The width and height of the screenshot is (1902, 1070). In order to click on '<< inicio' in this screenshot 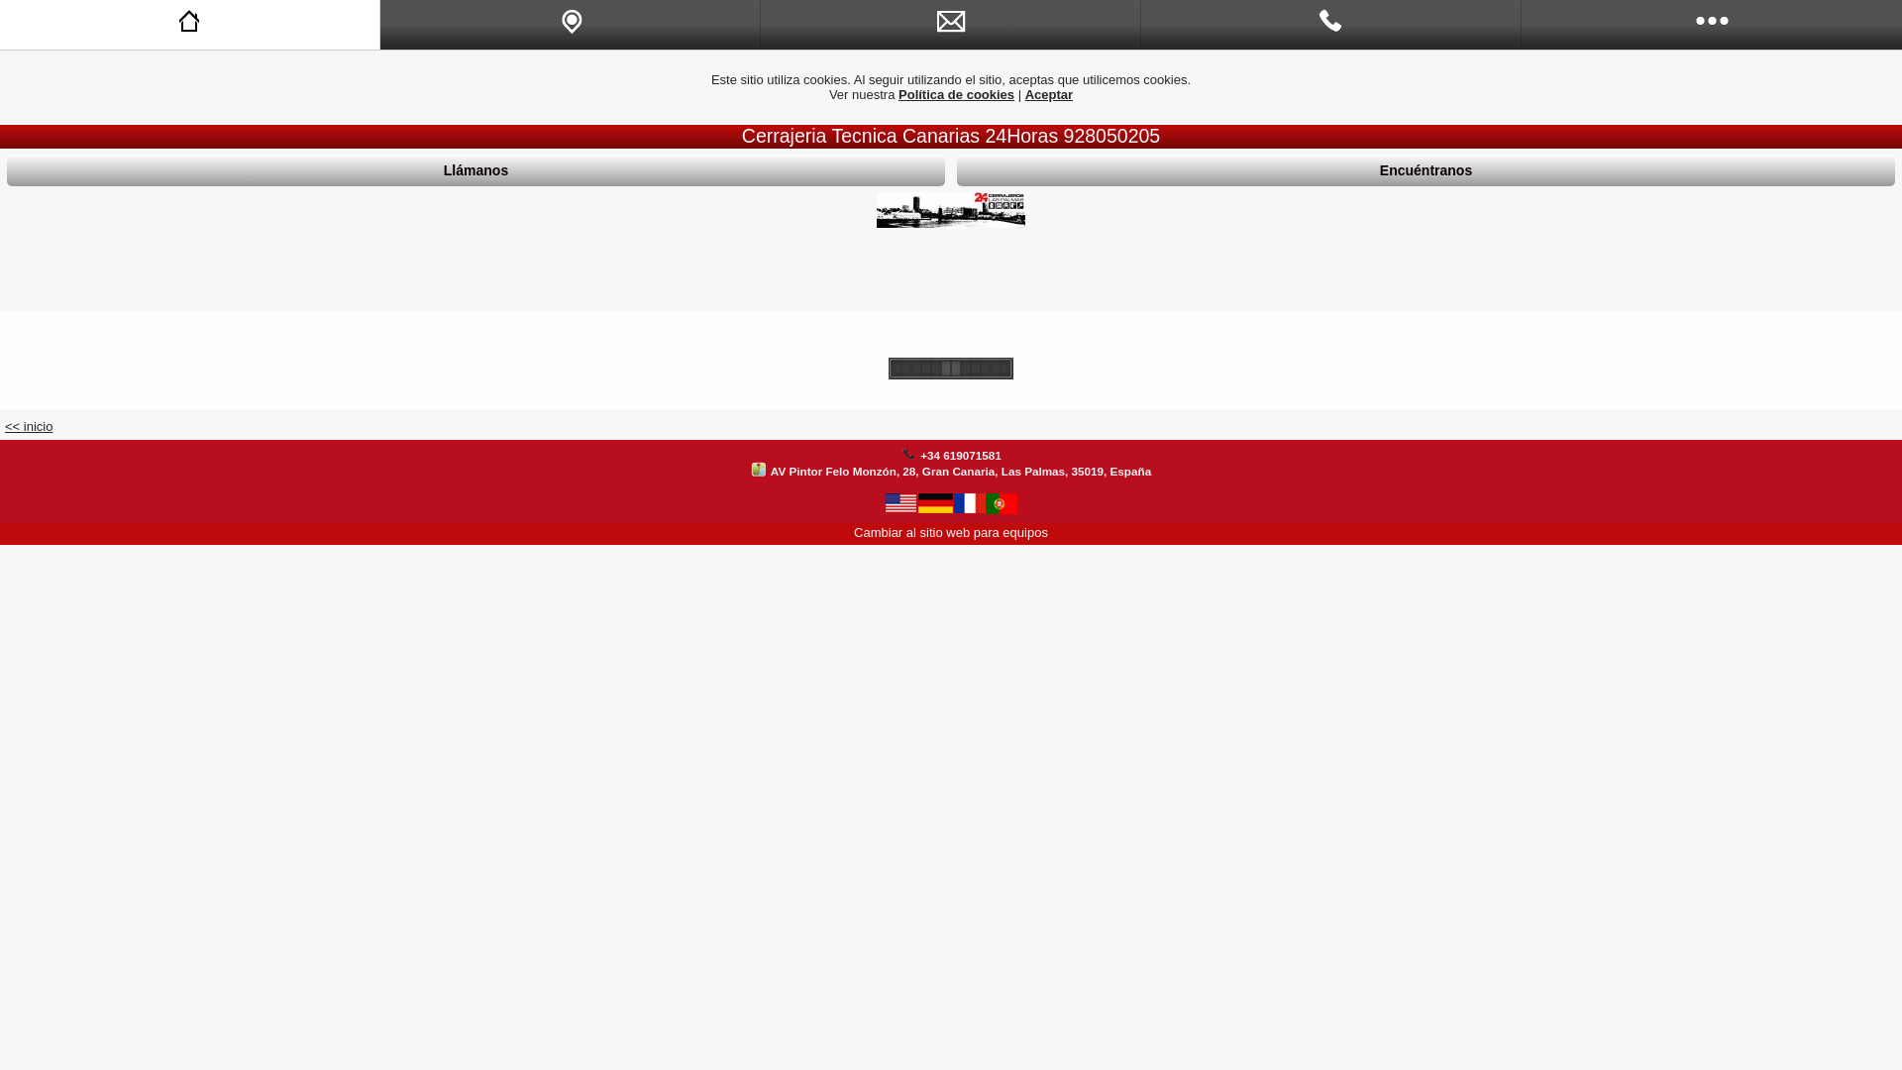, I will do `click(28, 425)`.